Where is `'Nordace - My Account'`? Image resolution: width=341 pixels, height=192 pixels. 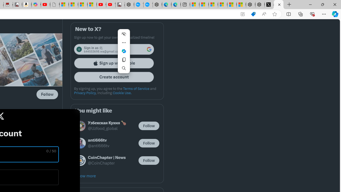
'Nordace - My Account' is located at coordinates (129, 5).